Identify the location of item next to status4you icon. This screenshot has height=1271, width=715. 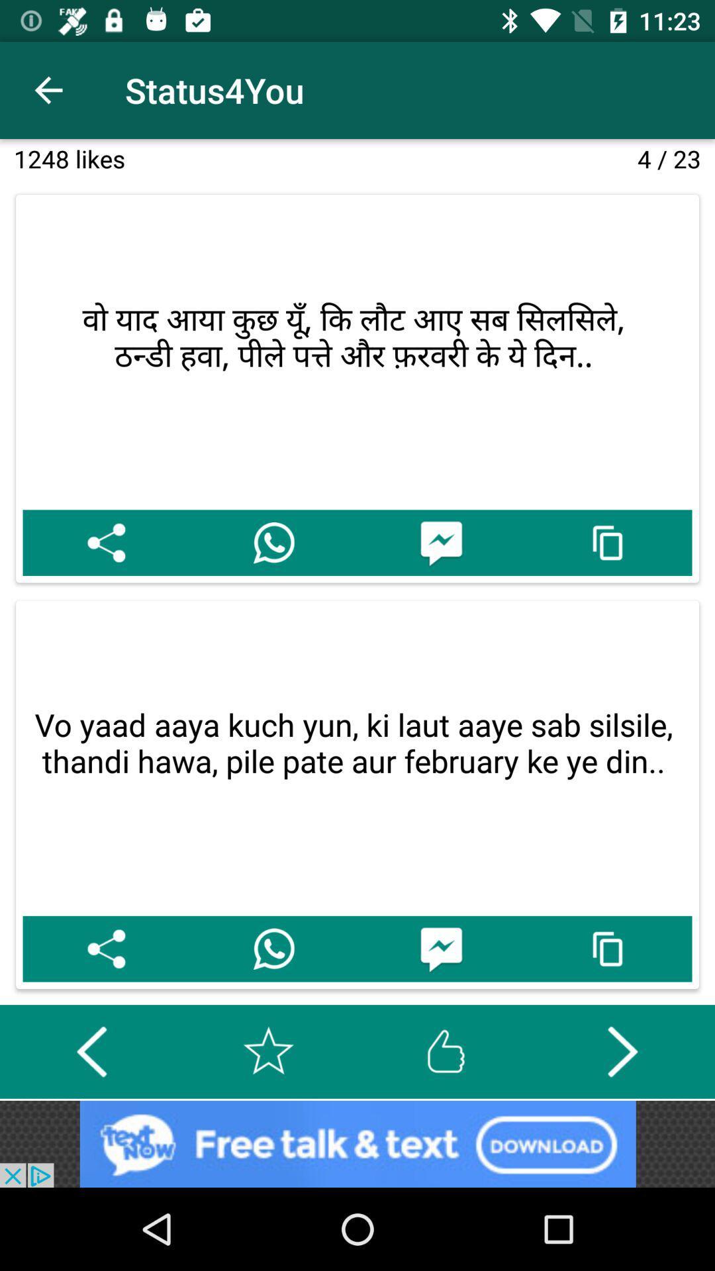
(48, 89).